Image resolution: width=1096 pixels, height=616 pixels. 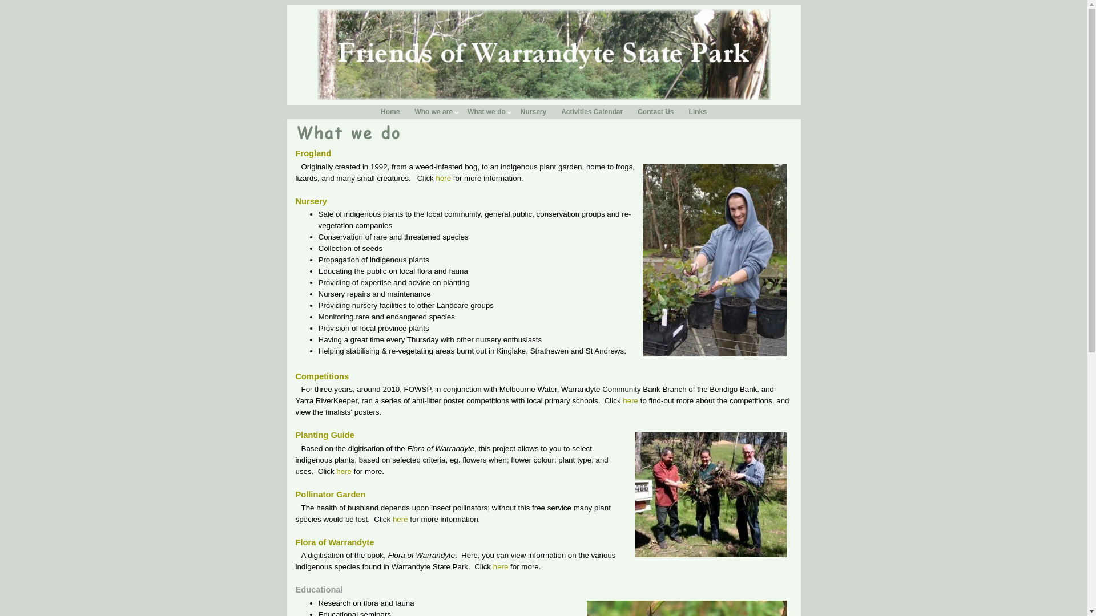 I want to click on 'Pollinator Garden', so click(x=330, y=494).